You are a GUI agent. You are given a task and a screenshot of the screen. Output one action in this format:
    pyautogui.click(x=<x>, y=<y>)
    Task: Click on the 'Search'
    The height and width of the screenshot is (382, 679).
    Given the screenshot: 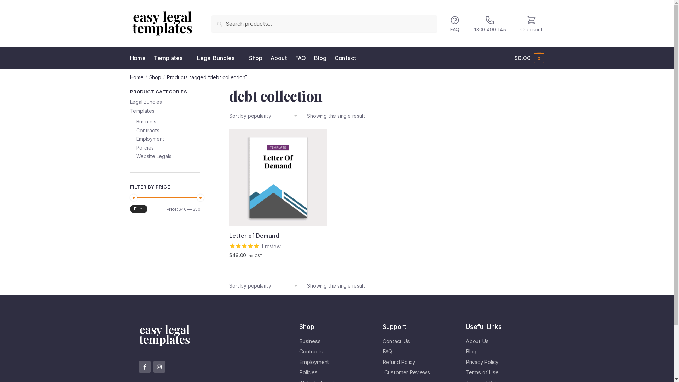 What is the action you would take?
    pyautogui.click(x=222, y=20)
    